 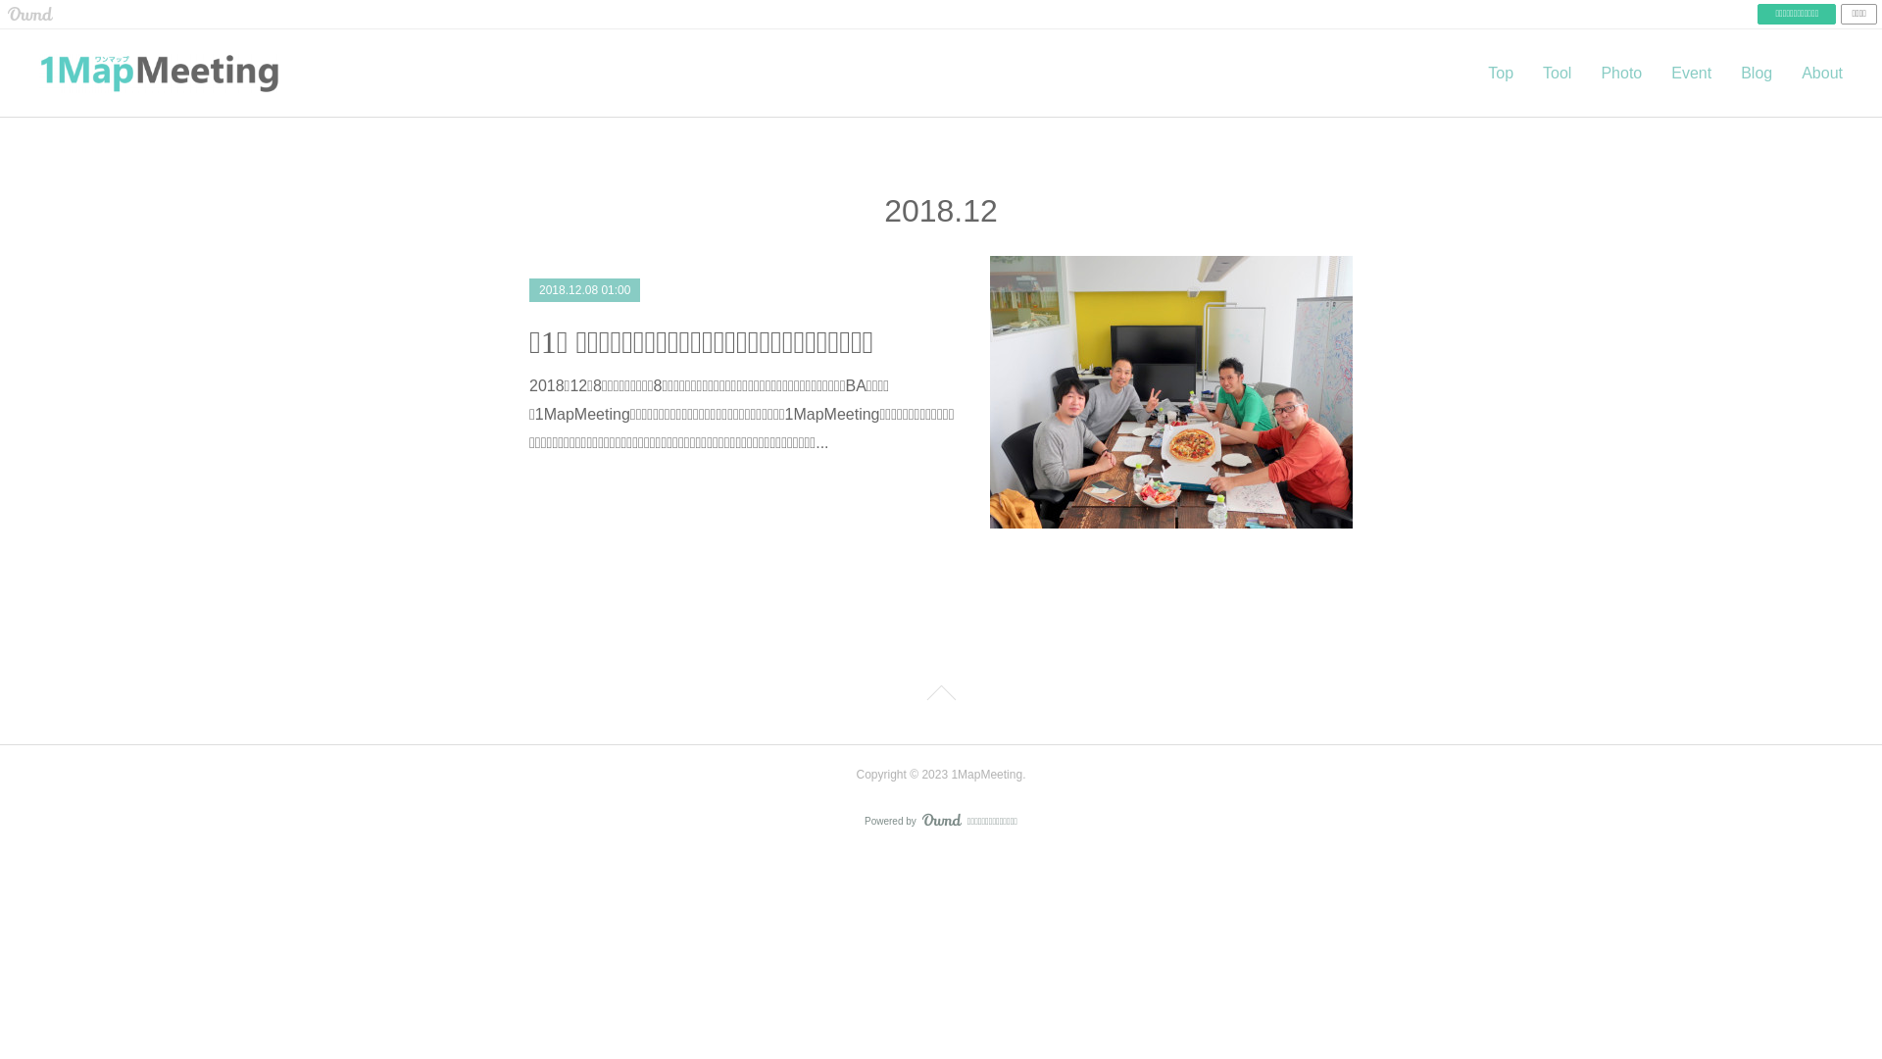 I want to click on 'Blog', so click(x=1756, y=72).